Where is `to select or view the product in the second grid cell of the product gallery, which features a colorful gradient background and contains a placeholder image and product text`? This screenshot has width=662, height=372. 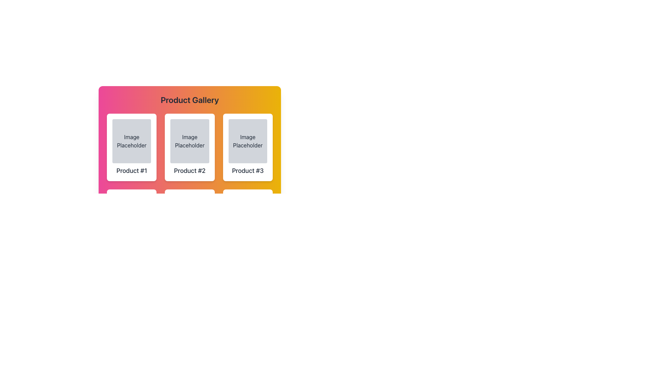
to select or view the product in the second grid cell of the product gallery, which features a colorful gradient background and contains a placeholder image and product text is located at coordinates (190, 135).